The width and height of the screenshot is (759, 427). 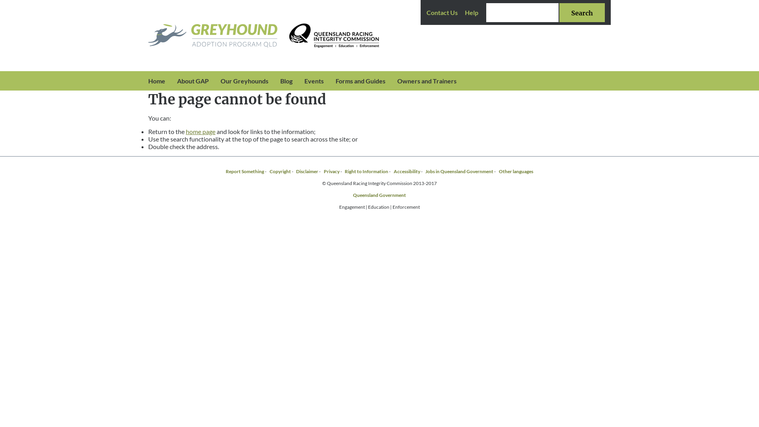 What do you see at coordinates (332, 171) in the screenshot?
I see `'Privacy'` at bounding box center [332, 171].